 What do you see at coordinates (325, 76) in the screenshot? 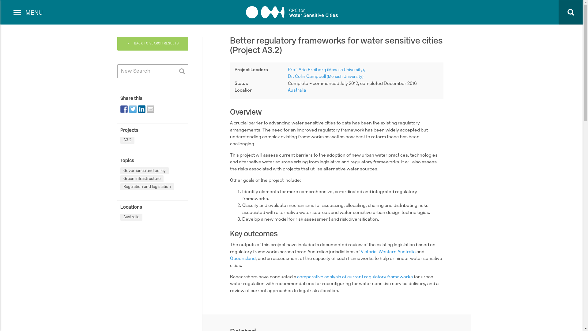
I see `'Dr. Colin Campbell (Monash University)'` at bounding box center [325, 76].